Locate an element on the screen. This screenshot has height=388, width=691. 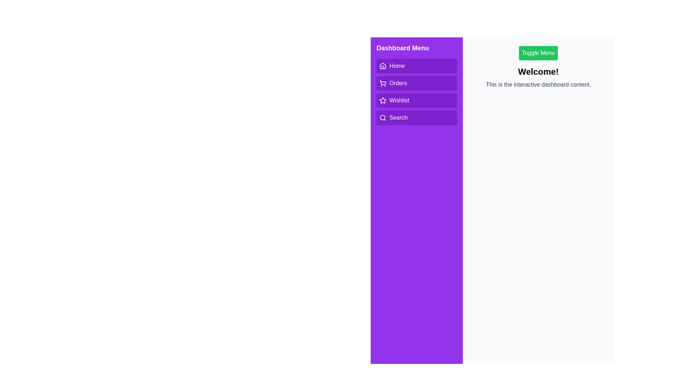
the menu option Orders to observe the hover effect is located at coordinates (416, 83).